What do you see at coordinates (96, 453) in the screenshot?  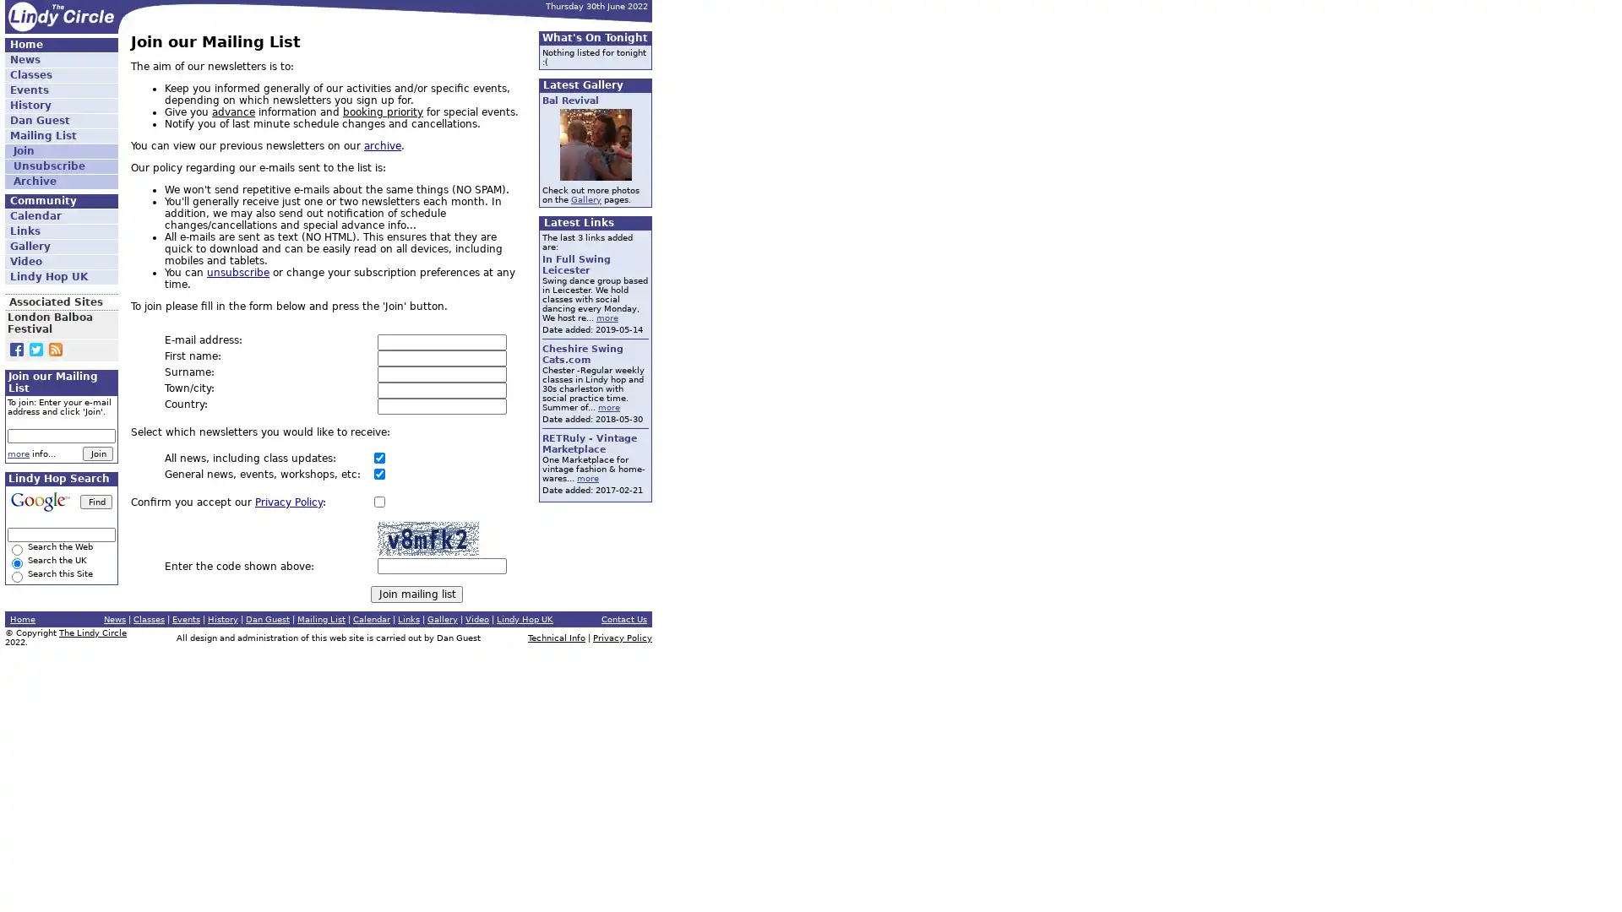 I see `Join` at bounding box center [96, 453].